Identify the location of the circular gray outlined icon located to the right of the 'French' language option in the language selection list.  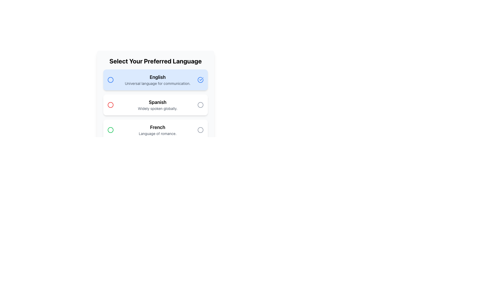
(200, 130).